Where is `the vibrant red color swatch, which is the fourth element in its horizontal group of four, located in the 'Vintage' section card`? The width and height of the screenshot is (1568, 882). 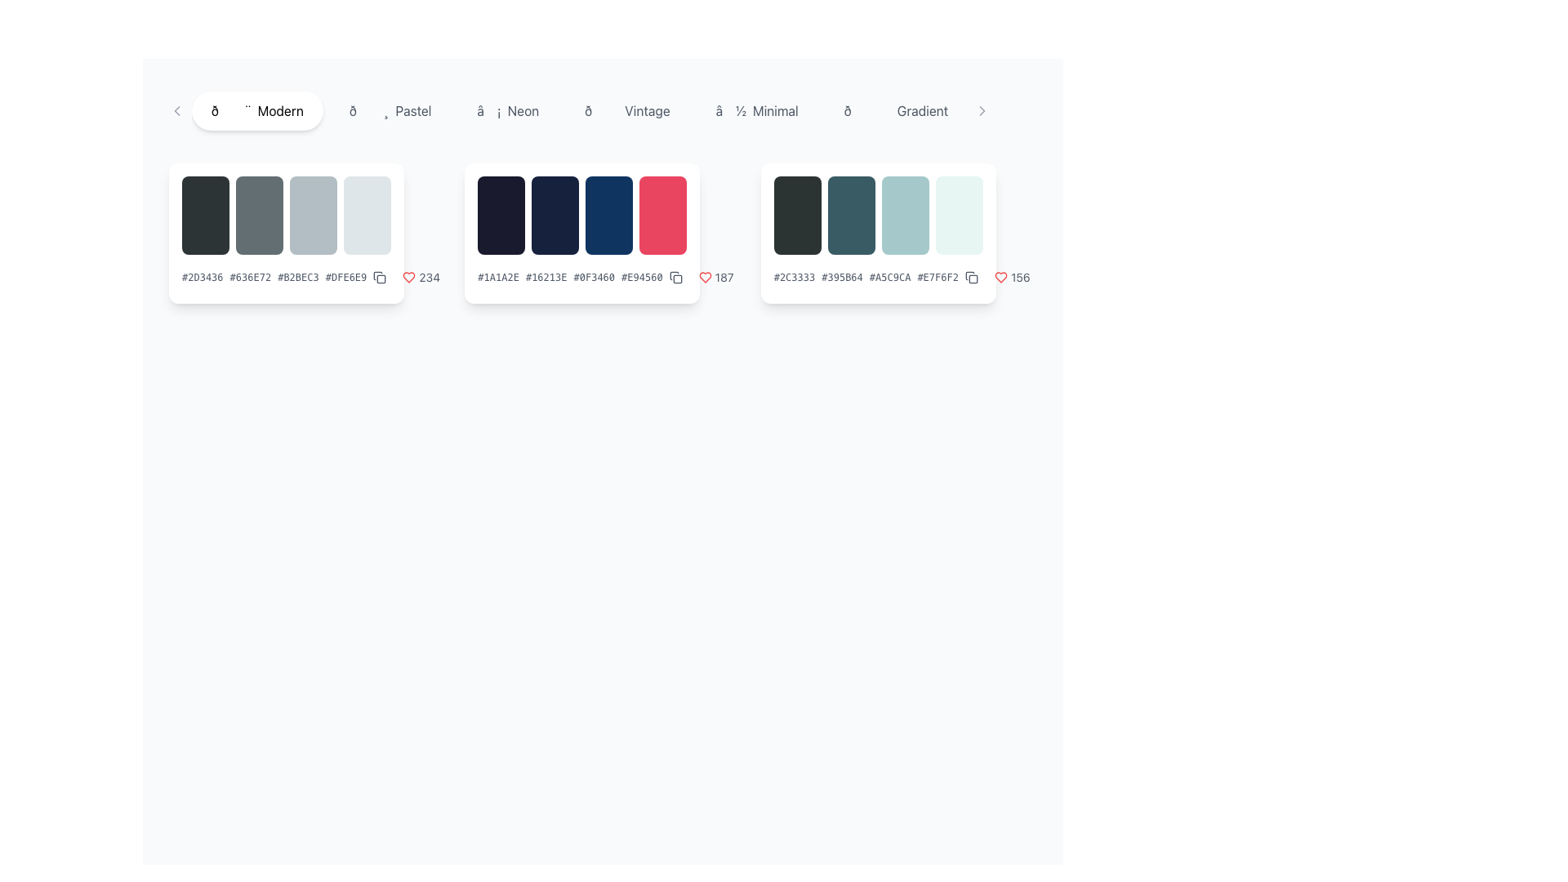 the vibrant red color swatch, which is the fourth element in its horizontal group of four, located in the 'Vintage' section card is located at coordinates (663, 214).